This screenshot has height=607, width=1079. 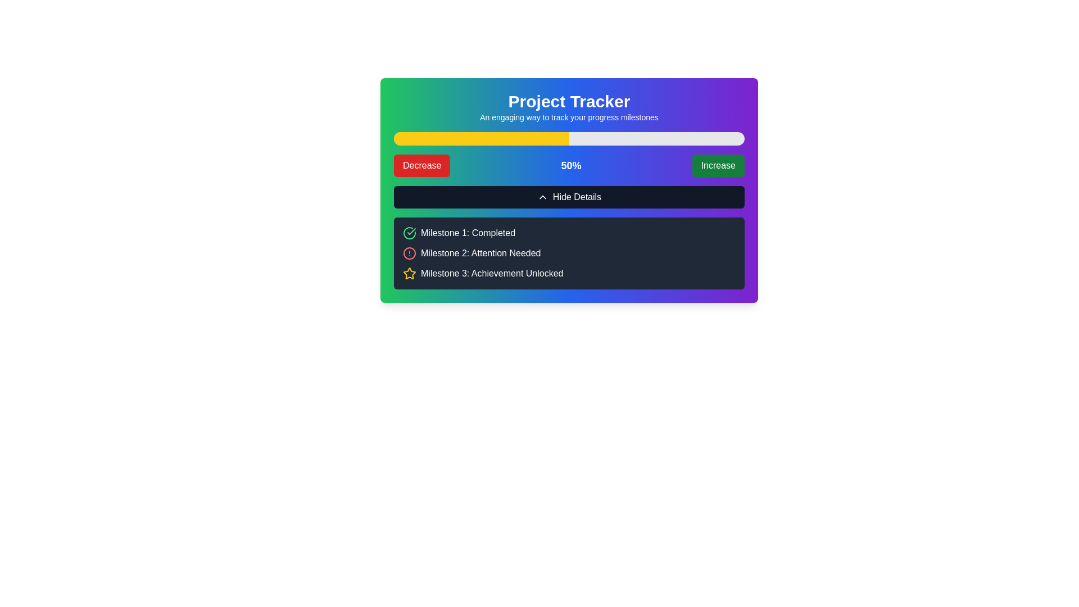 I want to click on the green 'Increase' button, so click(x=718, y=165).